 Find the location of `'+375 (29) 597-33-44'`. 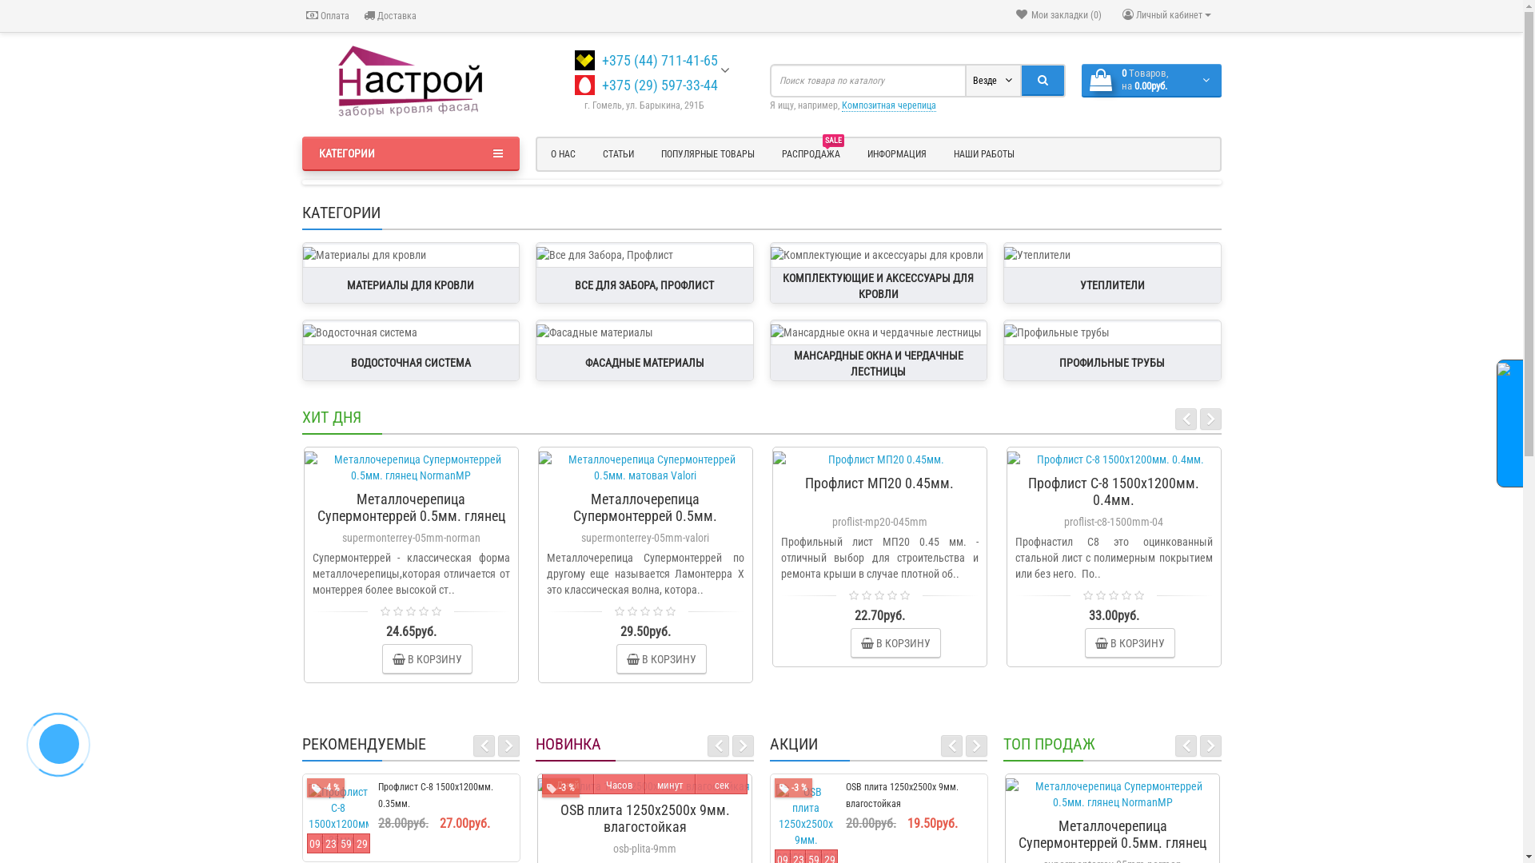

'+375 (29) 597-33-44' is located at coordinates (601, 85).